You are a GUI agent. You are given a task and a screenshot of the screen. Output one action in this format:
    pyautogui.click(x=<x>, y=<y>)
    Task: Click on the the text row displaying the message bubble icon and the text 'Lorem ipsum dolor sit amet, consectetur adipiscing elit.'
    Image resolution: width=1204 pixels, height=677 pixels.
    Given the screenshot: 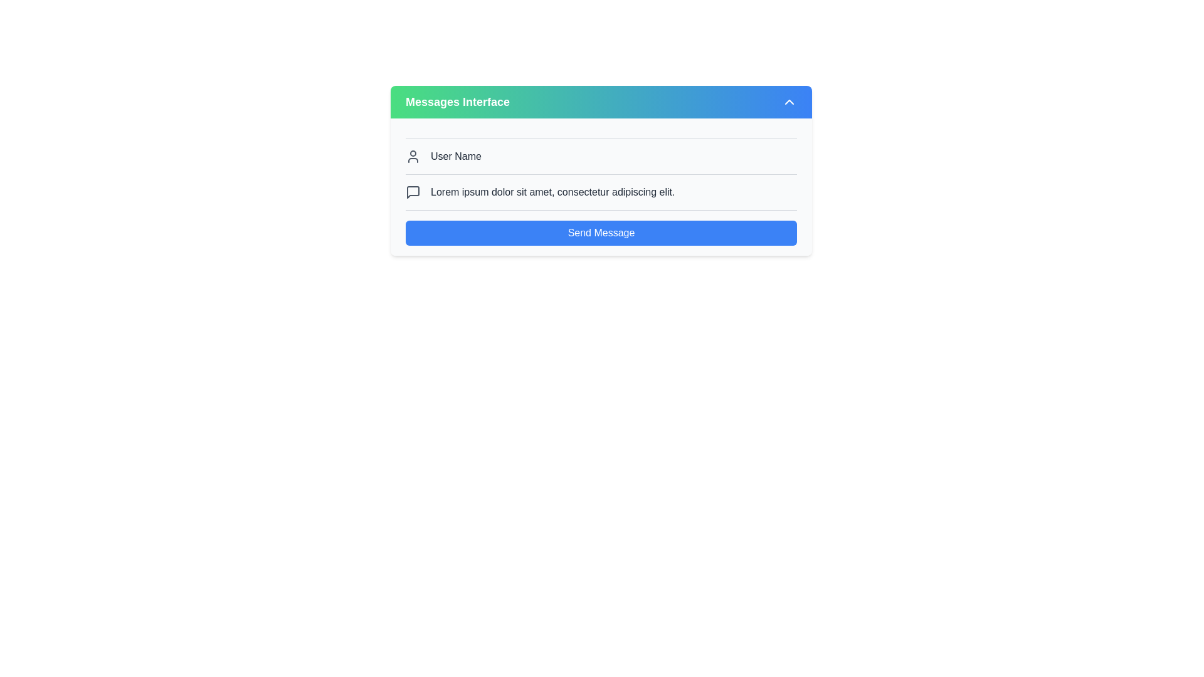 What is the action you would take?
    pyautogui.click(x=601, y=192)
    